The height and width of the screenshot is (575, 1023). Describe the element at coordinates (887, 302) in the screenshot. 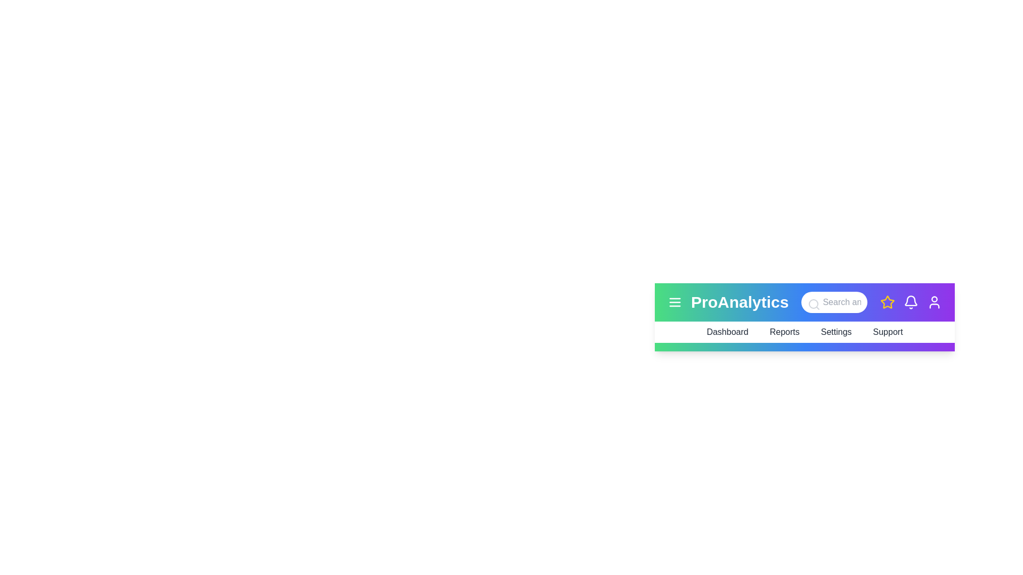

I see `the star icon to mark it as a favorite` at that location.